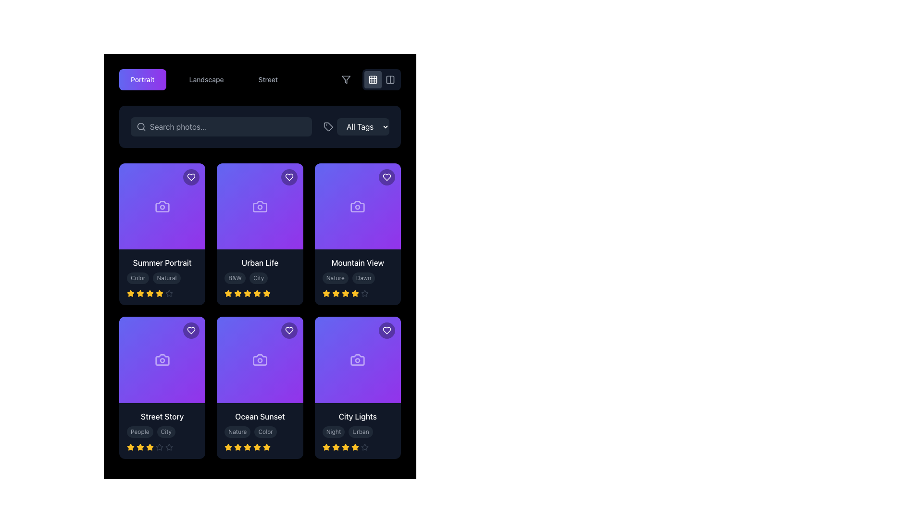  I want to click on the stars in the 'Street Story' Informational Card Section to rate the item, so click(162, 430).